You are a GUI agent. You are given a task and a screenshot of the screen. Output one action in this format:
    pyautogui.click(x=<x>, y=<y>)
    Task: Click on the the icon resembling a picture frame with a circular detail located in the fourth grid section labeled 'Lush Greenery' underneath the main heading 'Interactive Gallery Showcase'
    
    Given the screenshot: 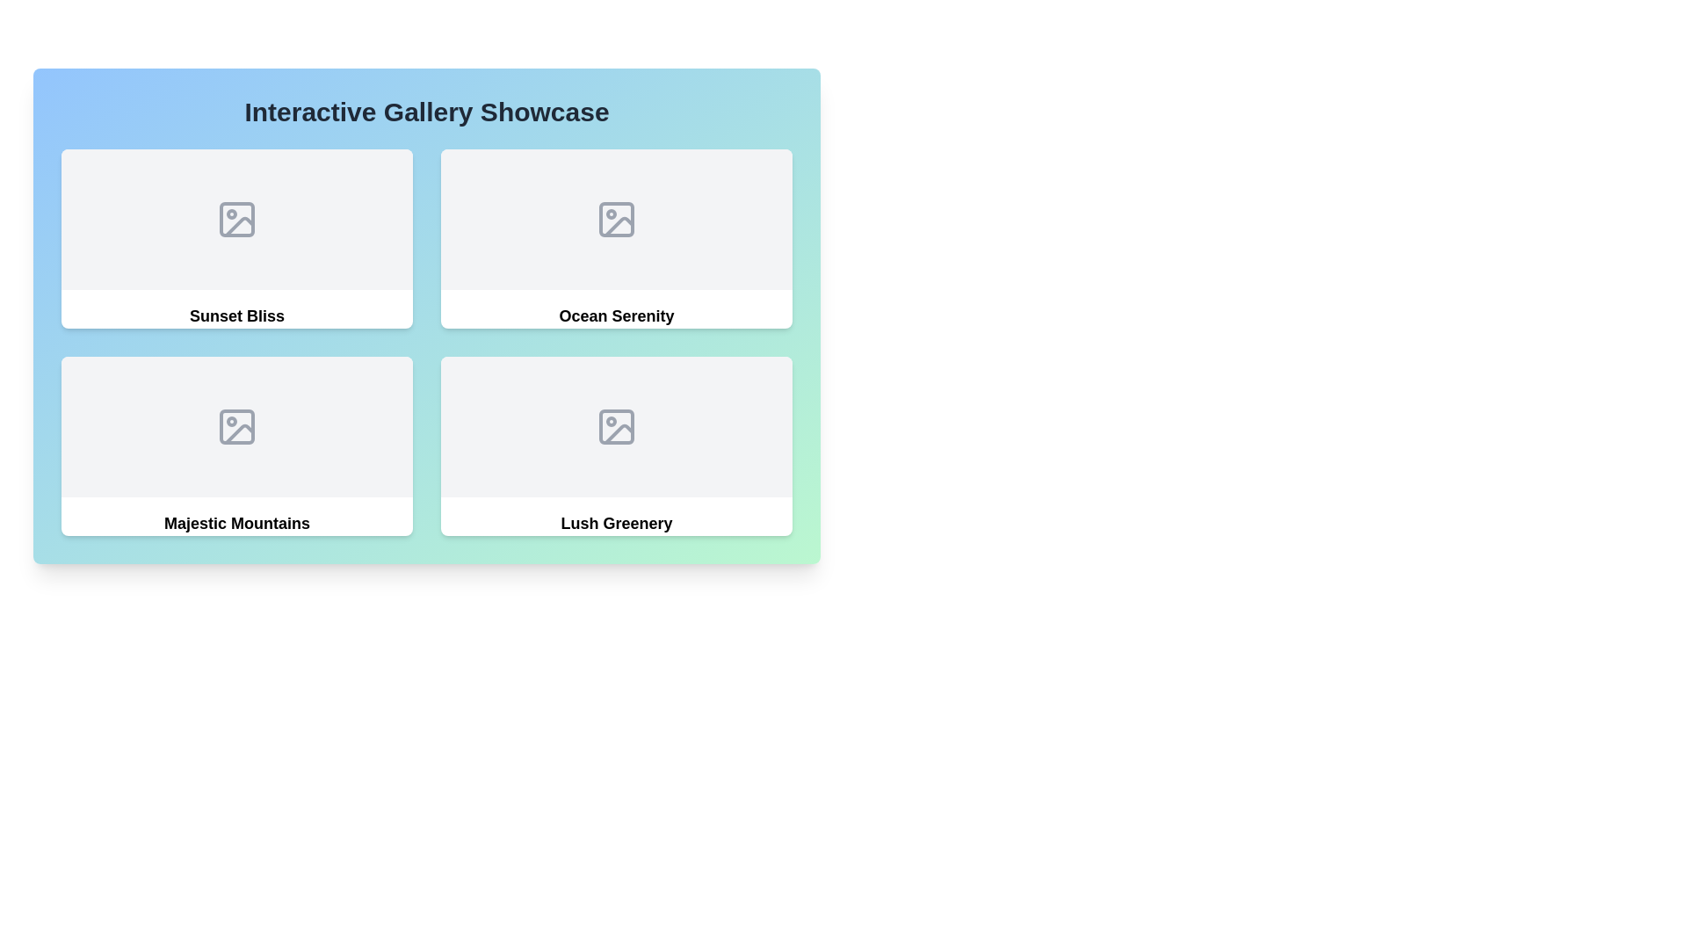 What is the action you would take?
    pyautogui.click(x=616, y=427)
    